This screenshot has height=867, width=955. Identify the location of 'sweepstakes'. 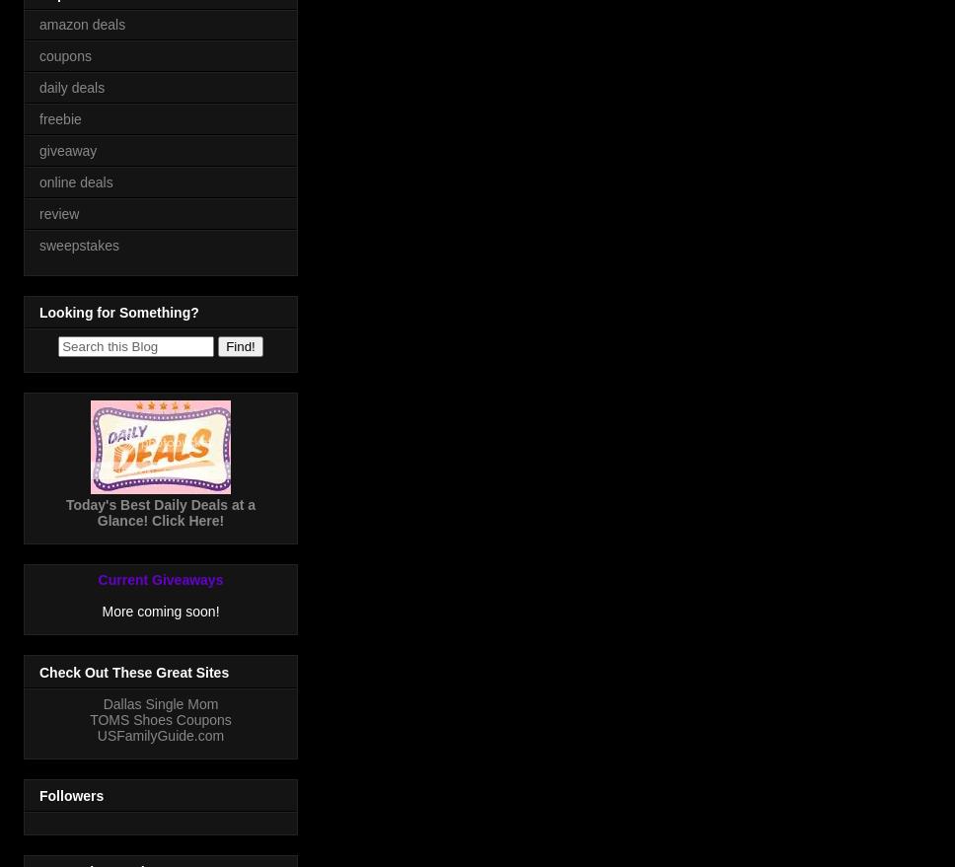
(77, 243).